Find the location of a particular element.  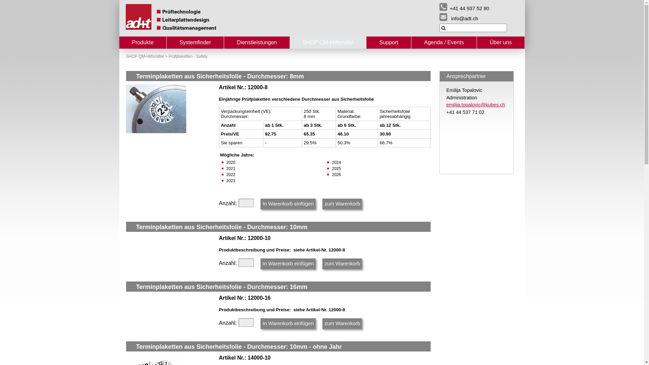

'+41 44 937 52 80' is located at coordinates (464, 7).